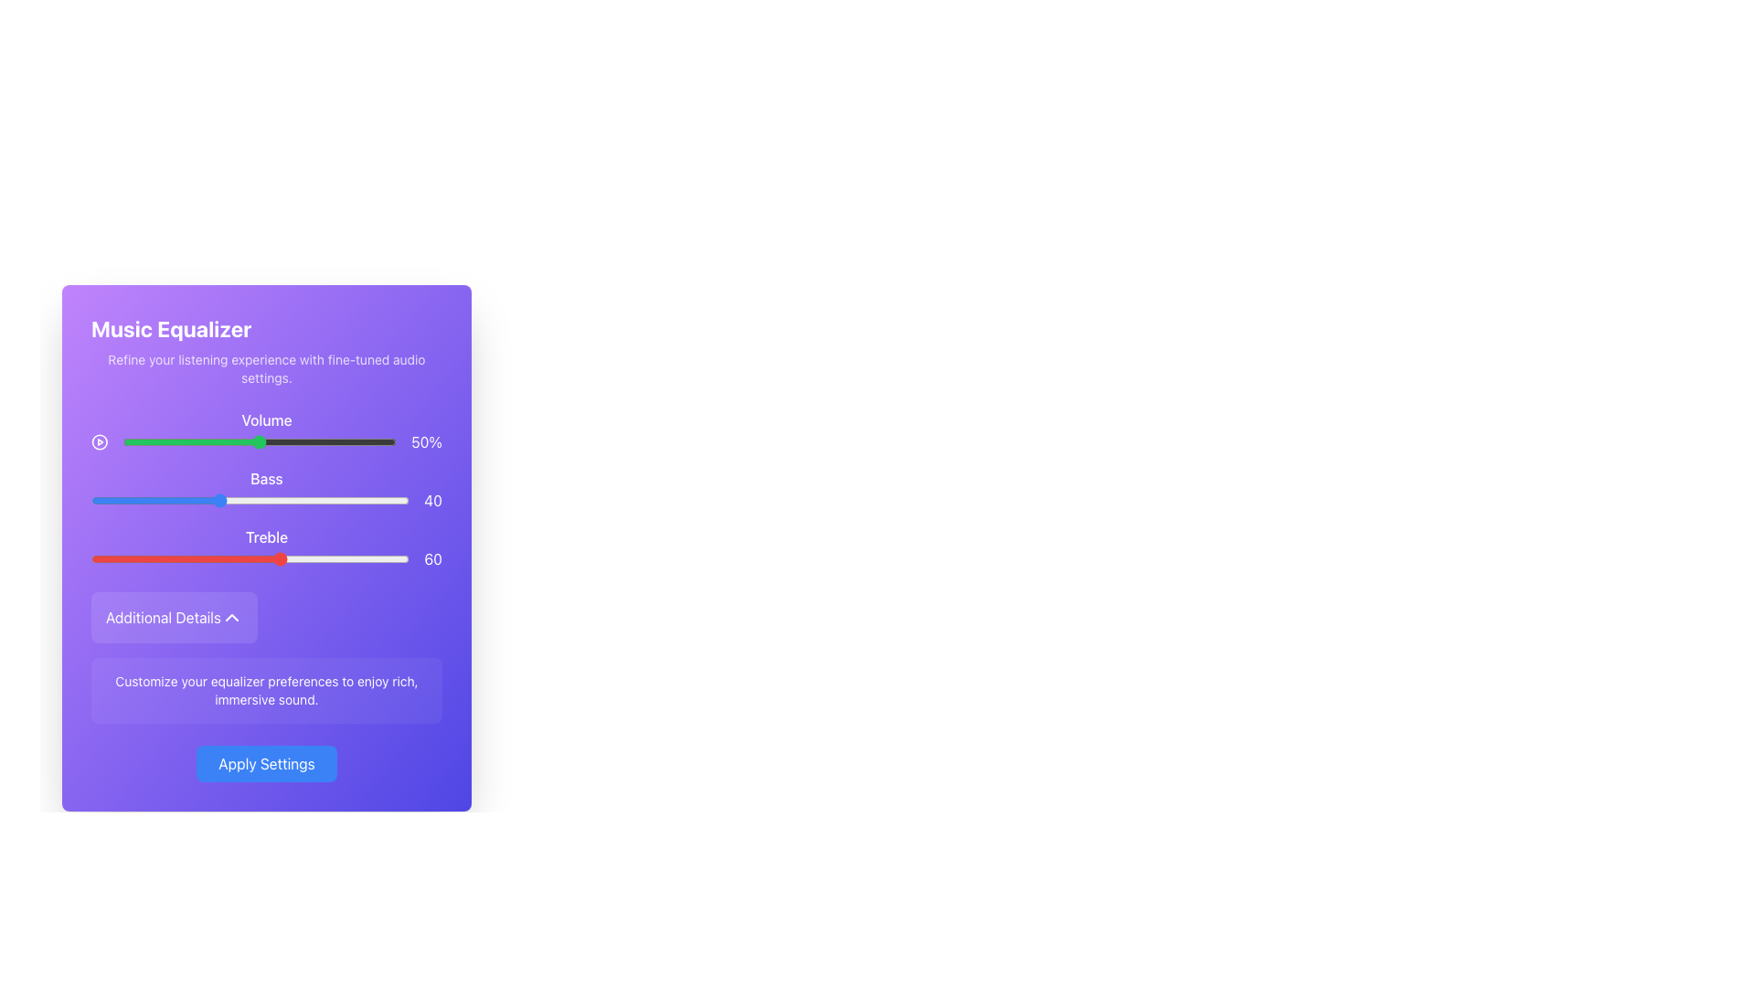 This screenshot has height=987, width=1755. Describe the element at coordinates (250, 558) in the screenshot. I see `the horizontal slider labeled 'Treble', which is styled with a red and white theme` at that location.